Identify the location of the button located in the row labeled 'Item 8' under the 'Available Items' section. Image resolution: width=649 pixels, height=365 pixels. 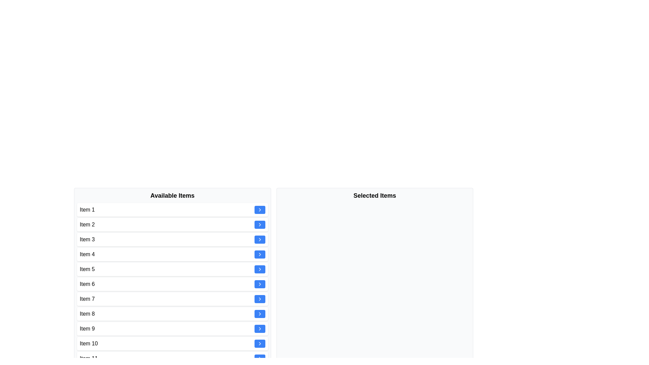
(259, 314).